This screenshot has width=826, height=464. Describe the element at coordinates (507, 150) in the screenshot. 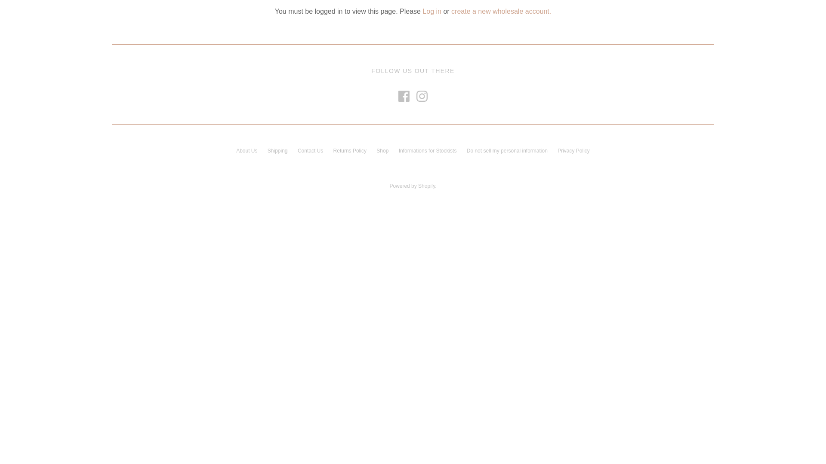

I see `'Do not sell my personal information'` at that location.